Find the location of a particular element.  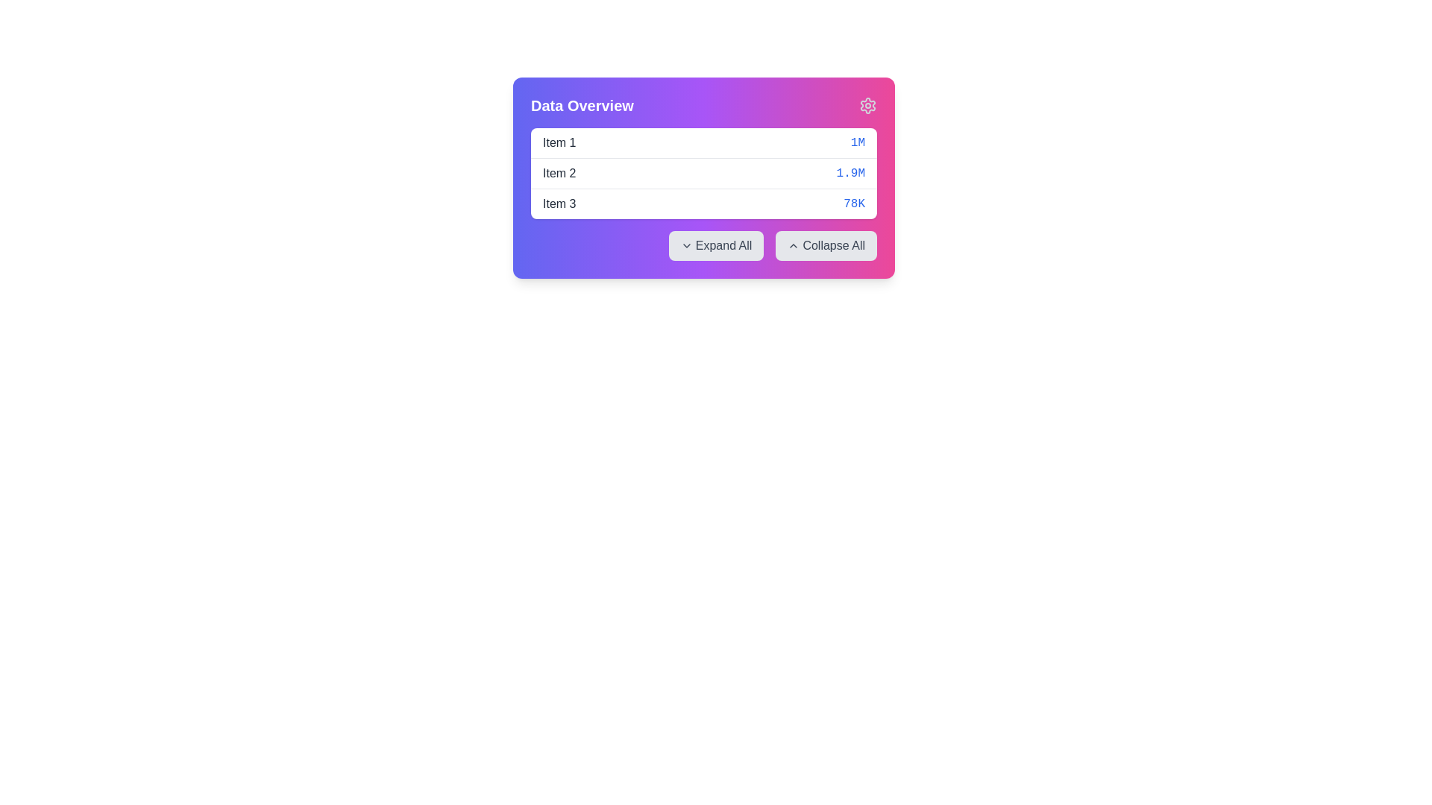

the collapse indicator icon located to the left of the label text in the 'Collapse All' button at the bottom-right section of the 'Data Overview' card is located at coordinates (793, 245).